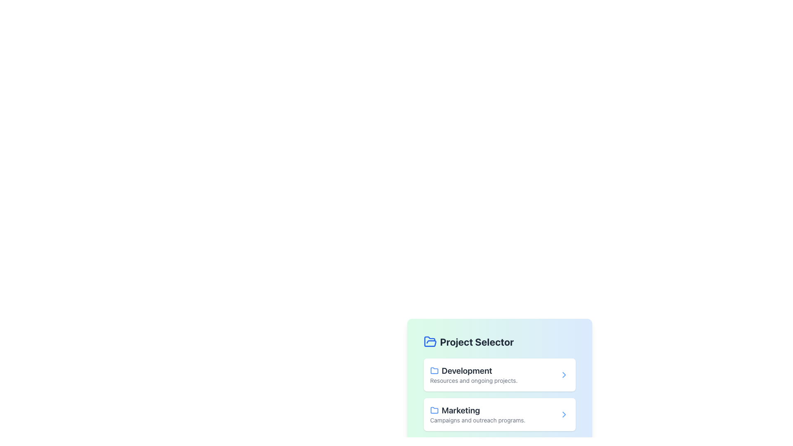 Image resolution: width=793 pixels, height=446 pixels. I want to click on the rightward-pointing arrow icon (Chevron) located in the 'Development' entry of the 'Project Selector' panel, so click(563, 375).